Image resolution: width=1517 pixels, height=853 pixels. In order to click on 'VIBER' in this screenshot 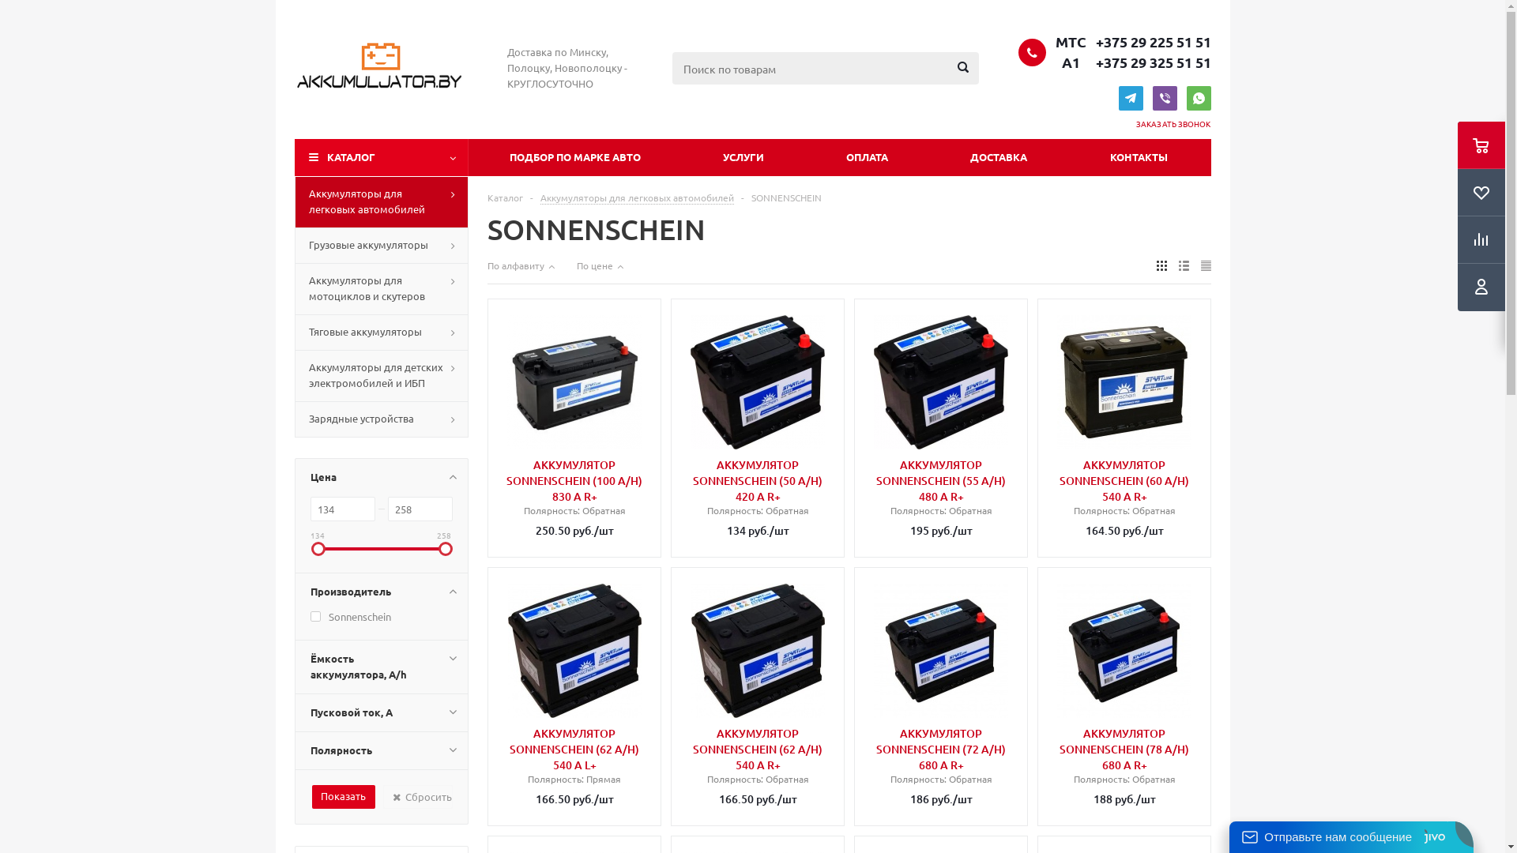, I will do `click(1164, 98)`.